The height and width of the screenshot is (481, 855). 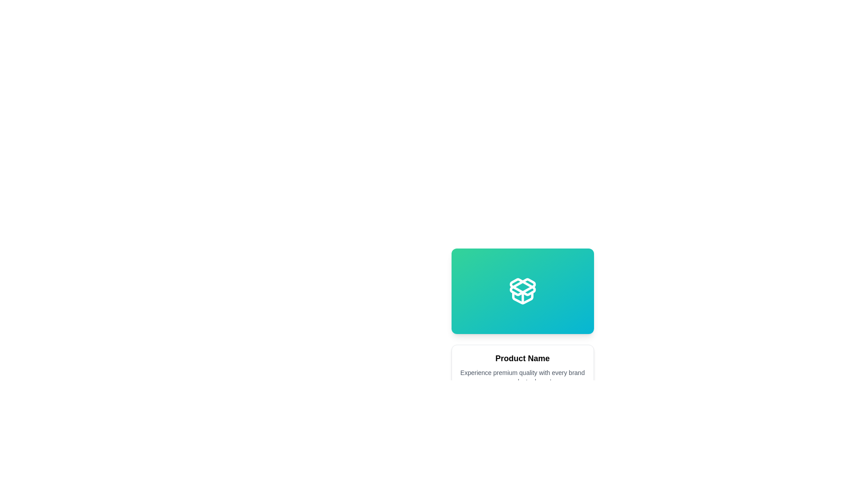 What do you see at coordinates (522, 377) in the screenshot?
I see `the descriptive text block located below the 'Product Name' text and above the price and button section within the card layout` at bounding box center [522, 377].